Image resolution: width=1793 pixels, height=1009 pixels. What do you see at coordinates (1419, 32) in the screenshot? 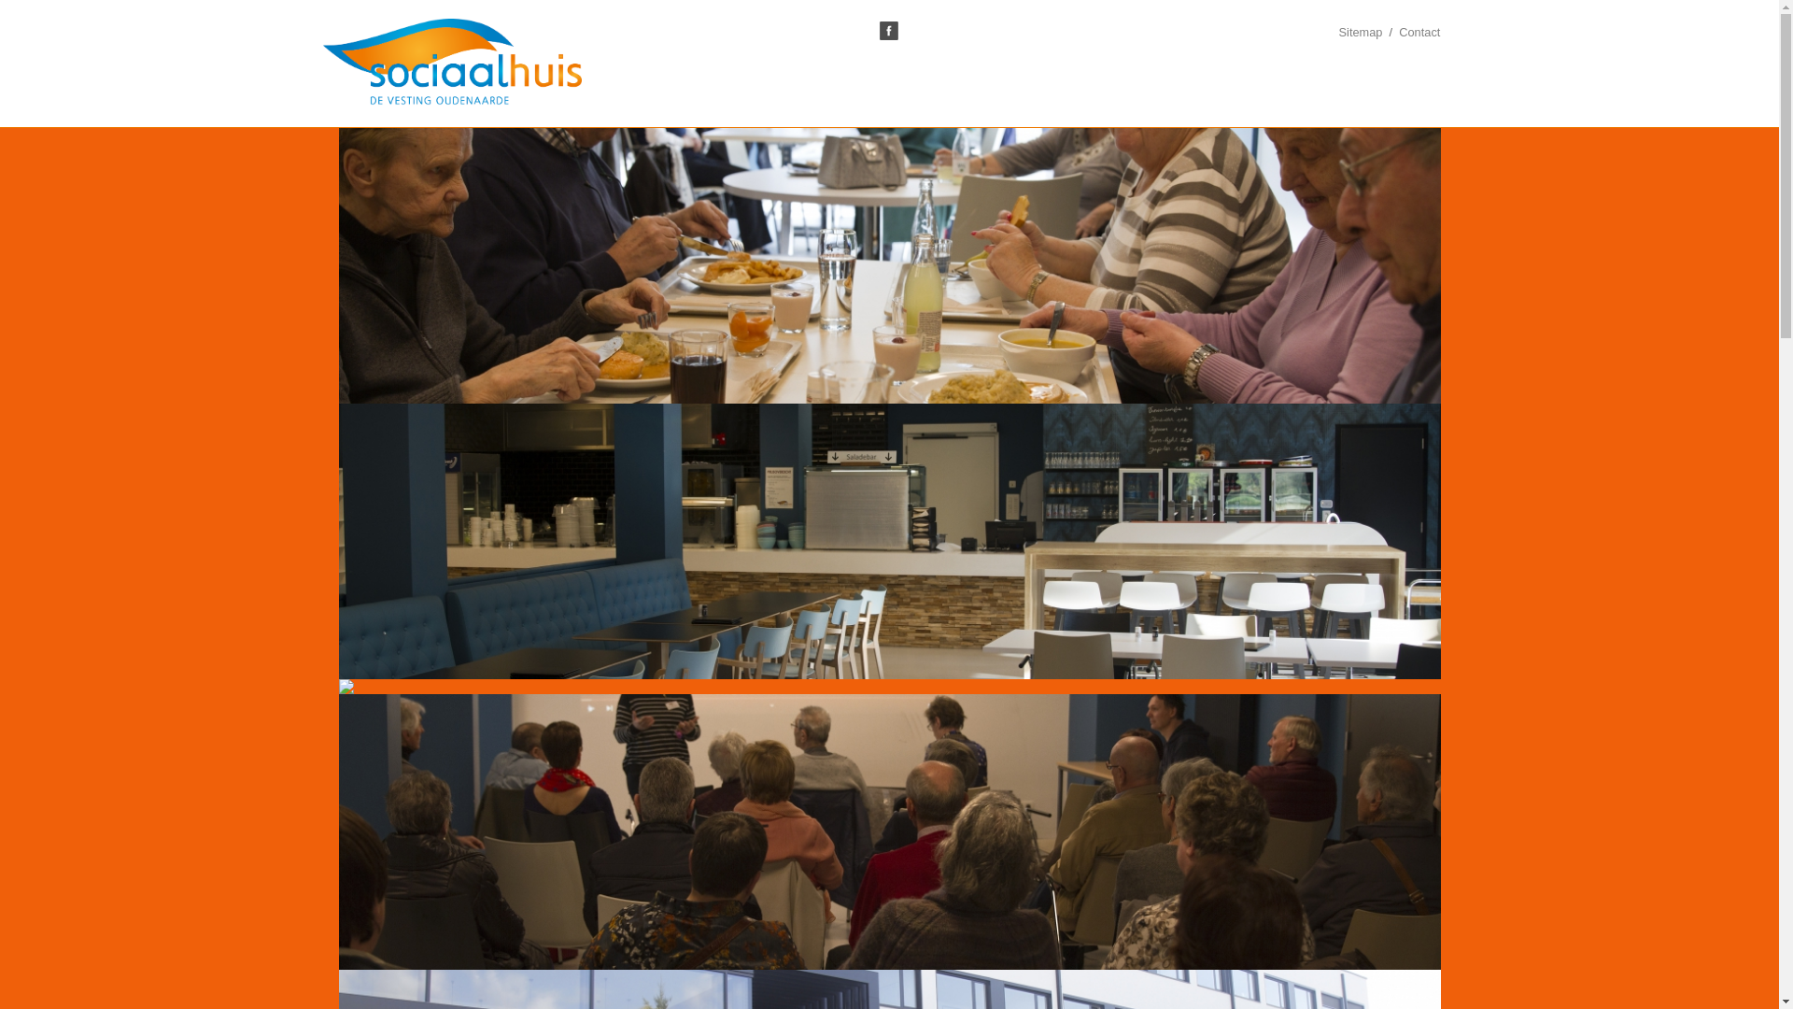
I see `'Contact'` at bounding box center [1419, 32].